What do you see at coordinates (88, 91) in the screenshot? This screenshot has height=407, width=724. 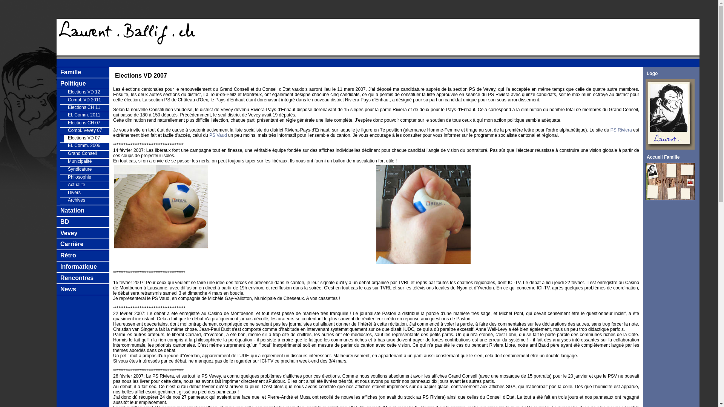 I see `'Elections VD 12'` at bounding box center [88, 91].